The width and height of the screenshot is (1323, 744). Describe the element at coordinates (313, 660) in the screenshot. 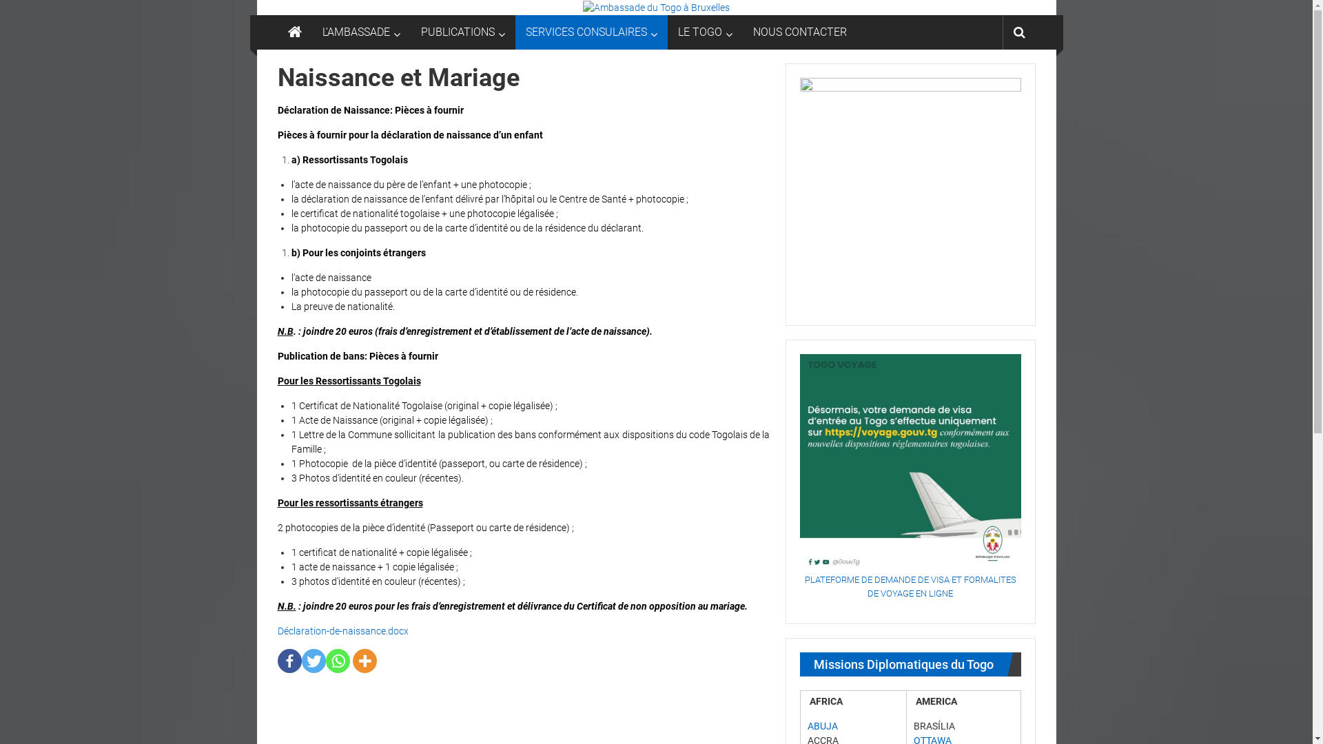

I see `'Twitter'` at that location.